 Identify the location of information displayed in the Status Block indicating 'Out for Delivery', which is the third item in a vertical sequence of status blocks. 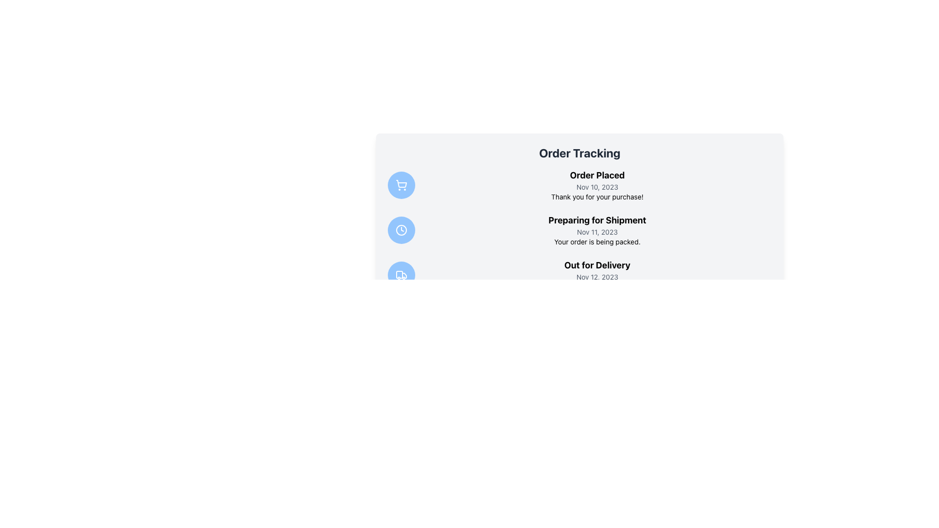
(580, 275).